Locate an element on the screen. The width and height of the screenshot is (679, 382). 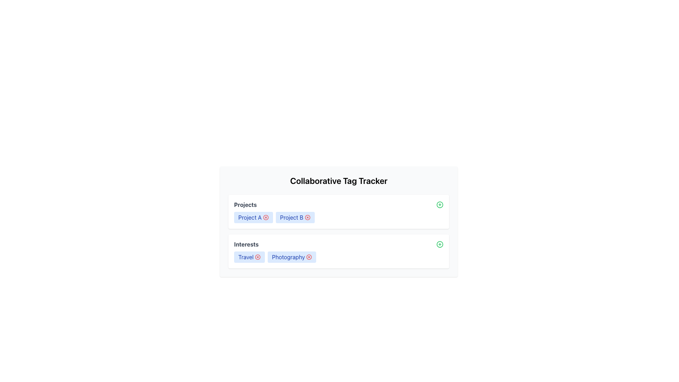
label text of the tag representing 'Project A' located in the 'Projects' section, which has a remove button next to it is located at coordinates (253, 217).